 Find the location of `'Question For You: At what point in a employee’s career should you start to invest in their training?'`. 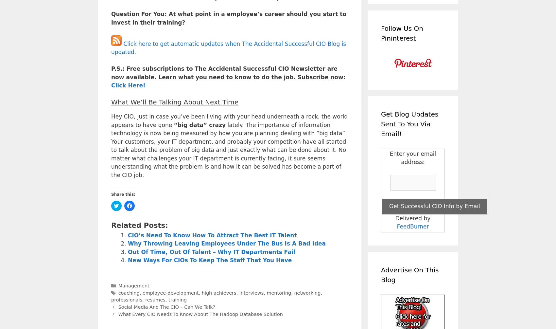

'Question For You: At what point in a employee’s career should you start to invest in their training?' is located at coordinates (229, 18).